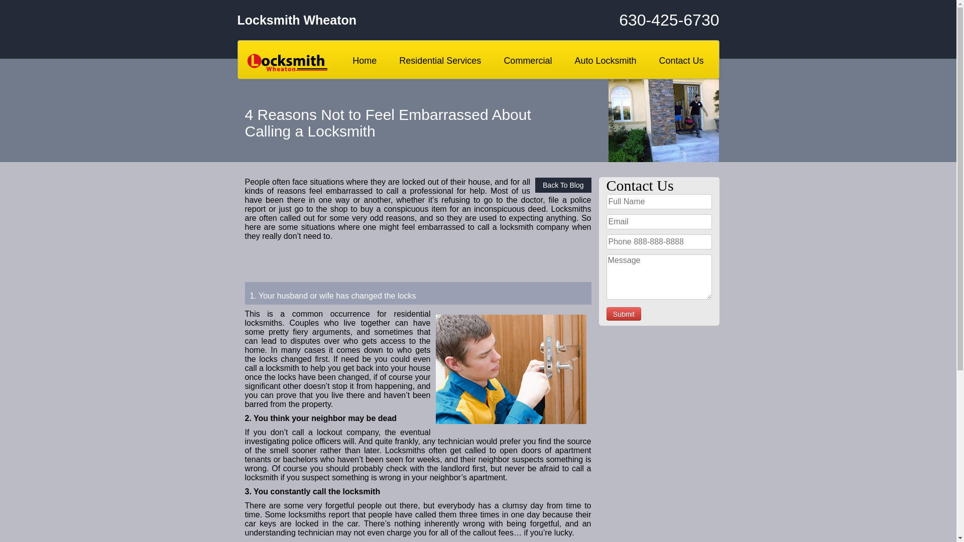 The image size is (964, 542). I want to click on 'Home', so click(364, 60).